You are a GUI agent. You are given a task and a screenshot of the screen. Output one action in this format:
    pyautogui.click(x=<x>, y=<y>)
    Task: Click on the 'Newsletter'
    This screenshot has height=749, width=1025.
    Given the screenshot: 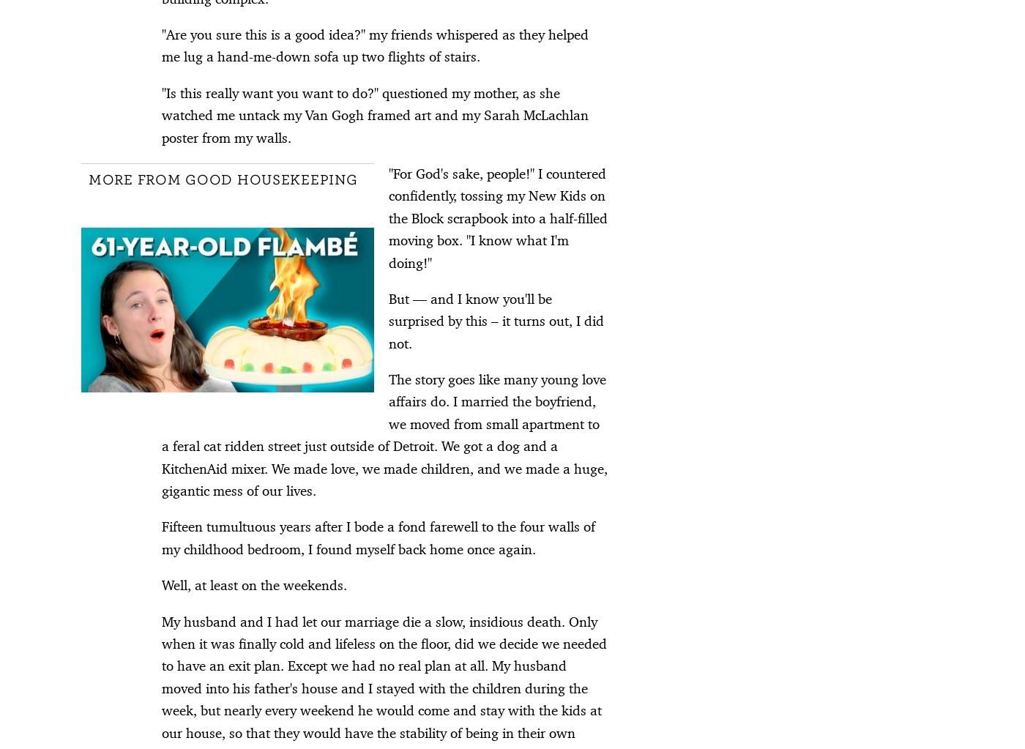 What is the action you would take?
    pyautogui.click(x=738, y=575)
    